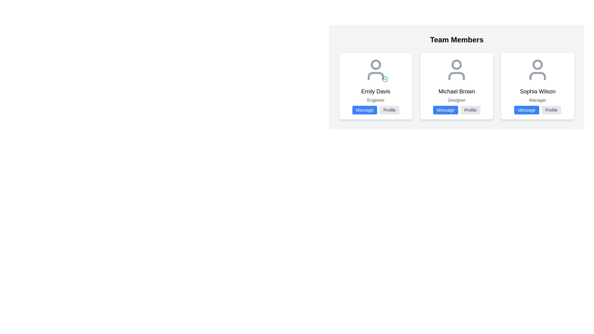 This screenshot has height=334, width=594. What do you see at coordinates (537, 70) in the screenshot?
I see `the circular user icon with a gray outline, which represents the profile picture placeholder for 'Sophia Wilson', located at the top of her card and centered above her name and title` at bounding box center [537, 70].